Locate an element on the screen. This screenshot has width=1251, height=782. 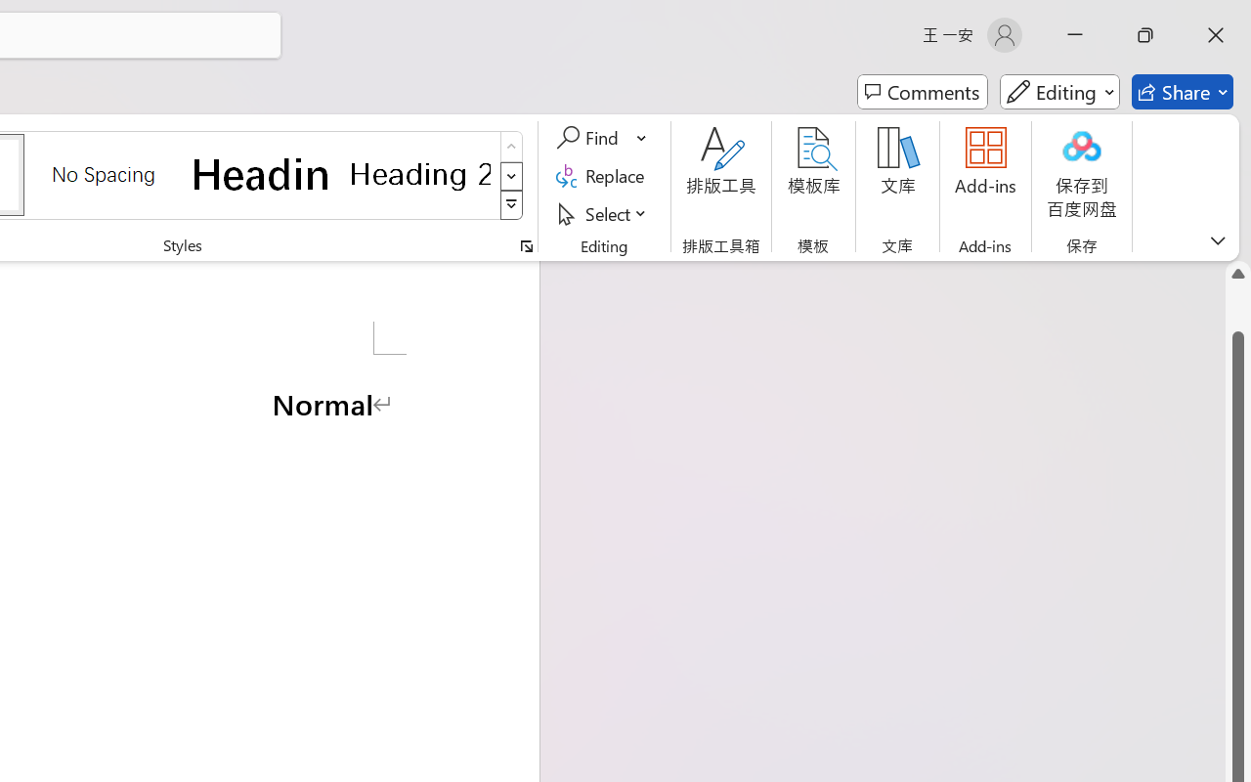
'Heading 1' is located at coordinates (261, 173).